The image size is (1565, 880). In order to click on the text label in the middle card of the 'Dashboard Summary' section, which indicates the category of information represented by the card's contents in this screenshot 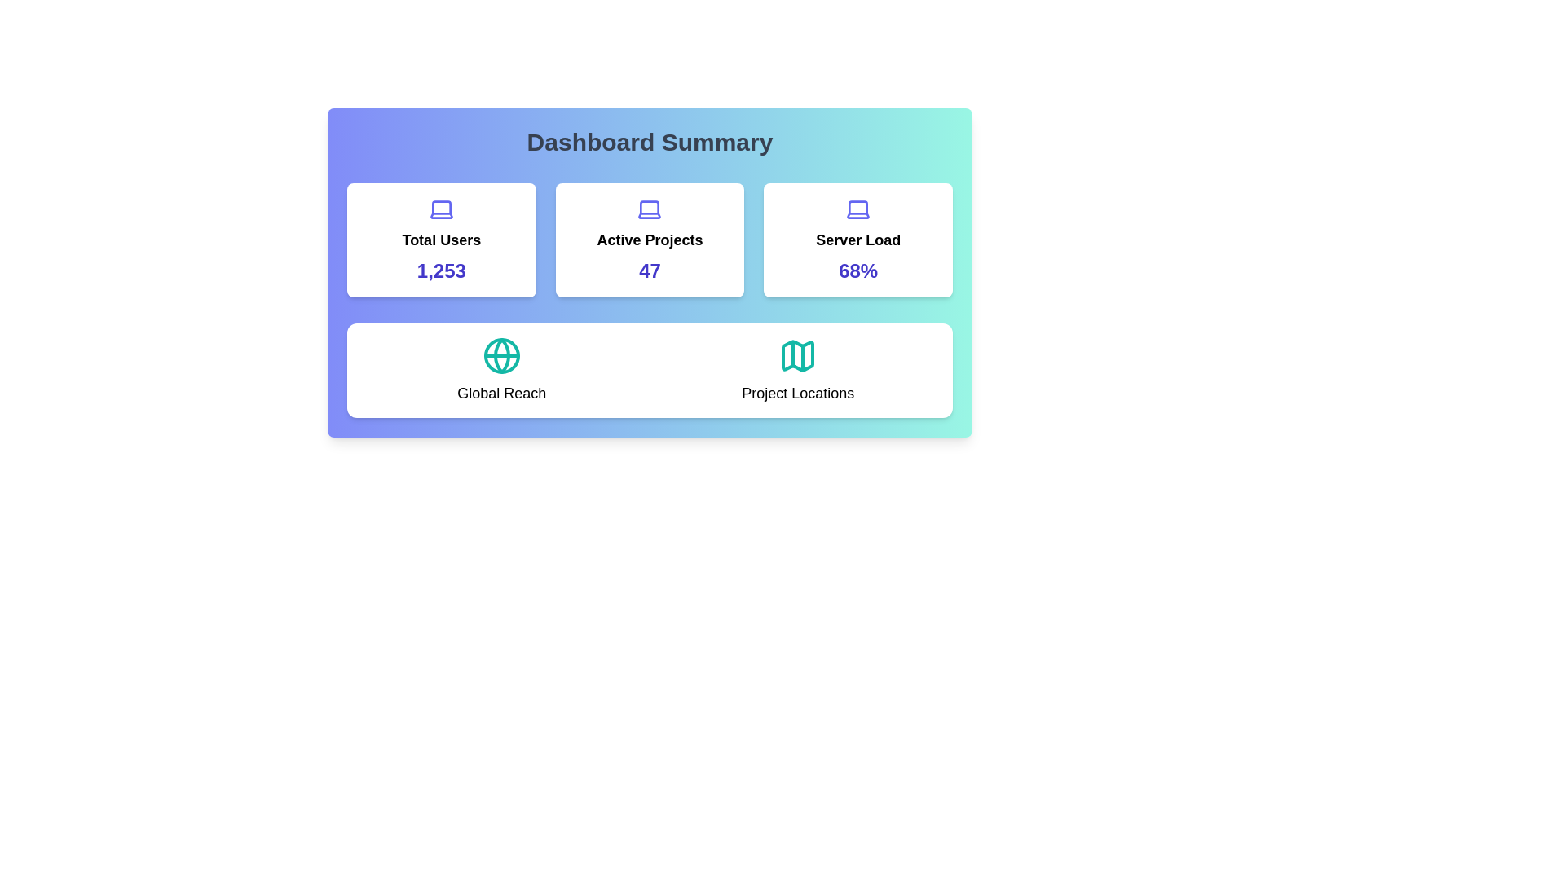, I will do `click(649, 240)`.